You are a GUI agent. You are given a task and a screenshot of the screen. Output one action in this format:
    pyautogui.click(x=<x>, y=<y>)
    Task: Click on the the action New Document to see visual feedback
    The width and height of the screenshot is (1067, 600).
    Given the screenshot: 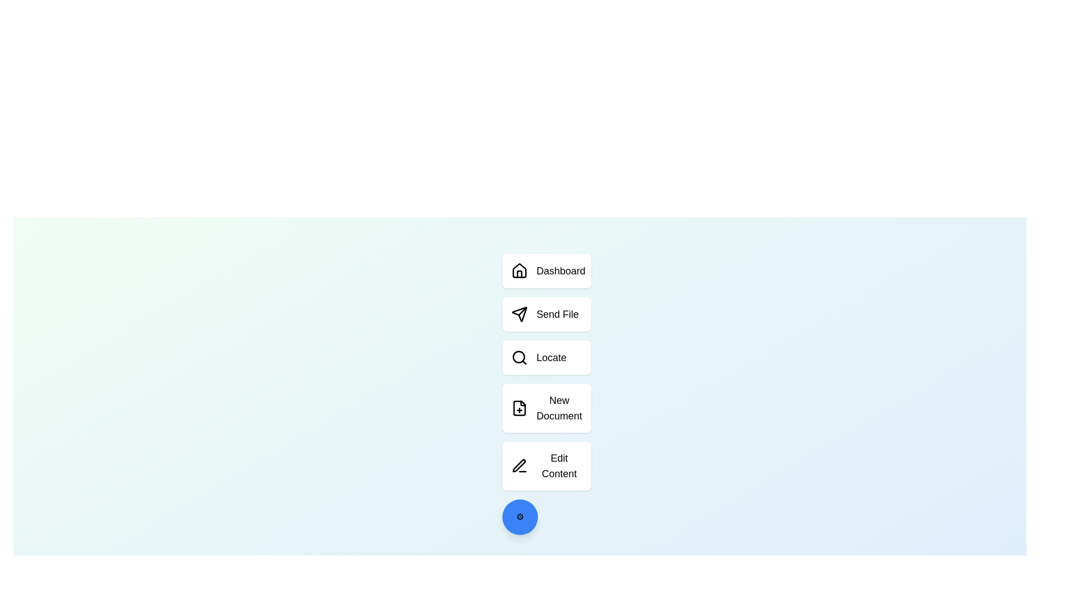 What is the action you would take?
    pyautogui.click(x=546, y=408)
    